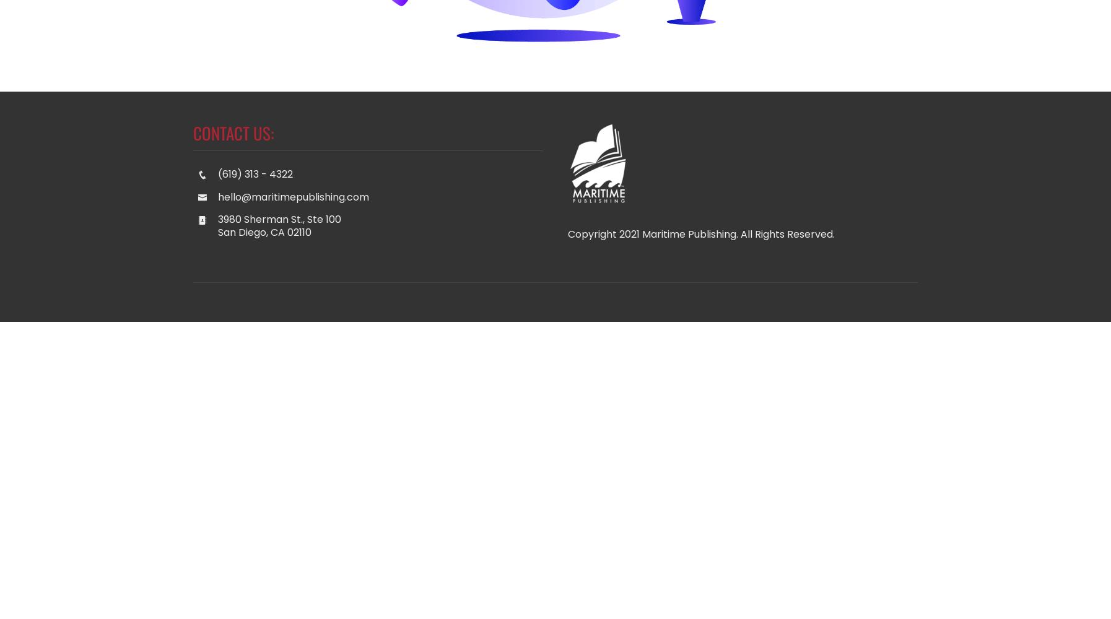  What do you see at coordinates (264, 232) in the screenshot?
I see `'San Diego, CA 02110'` at bounding box center [264, 232].